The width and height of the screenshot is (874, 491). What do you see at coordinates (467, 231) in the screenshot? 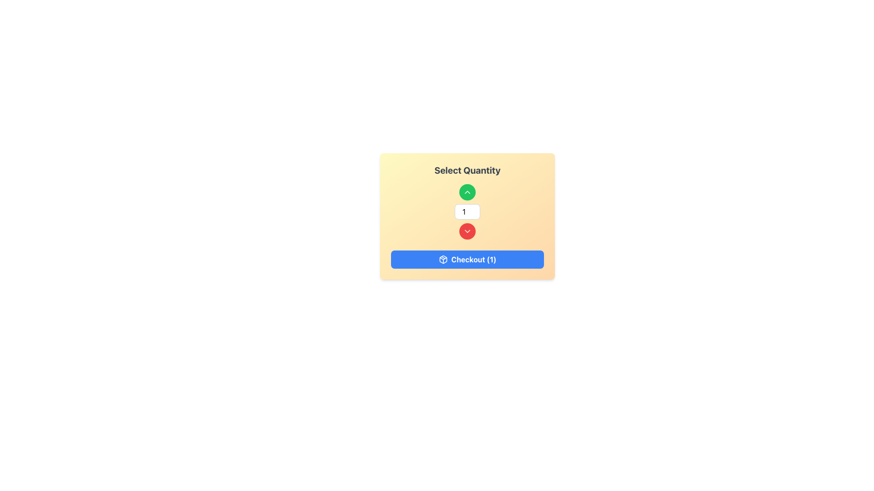
I see `the decrement button located below the numeric input field` at bounding box center [467, 231].